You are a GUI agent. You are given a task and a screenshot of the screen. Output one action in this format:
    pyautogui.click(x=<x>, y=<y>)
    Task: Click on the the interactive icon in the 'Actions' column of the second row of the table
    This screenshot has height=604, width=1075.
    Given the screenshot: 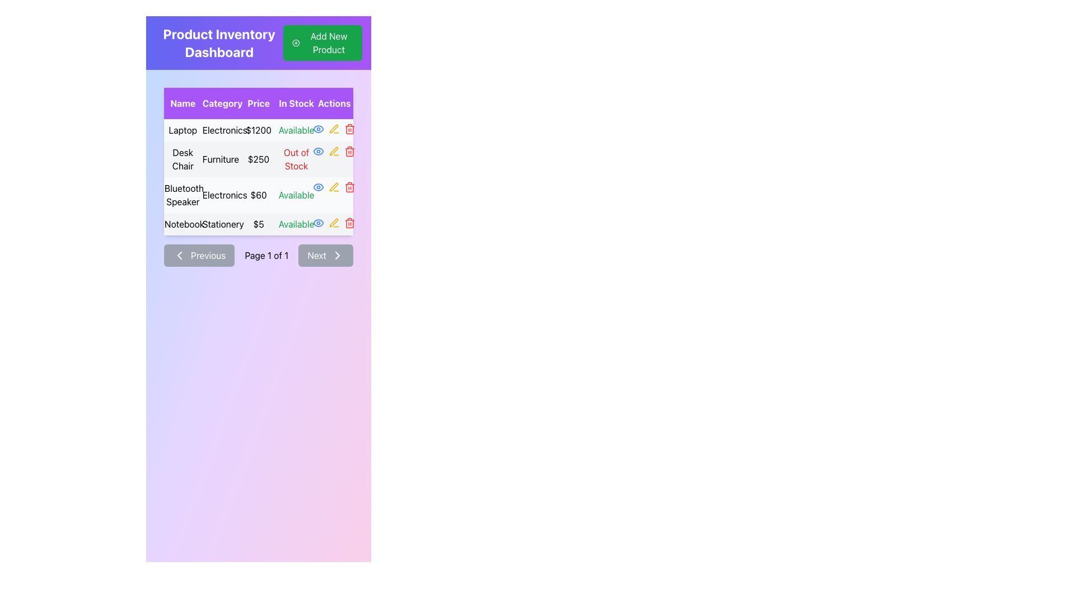 What is the action you would take?
    pyautogui.click(x=318, y=151)
    